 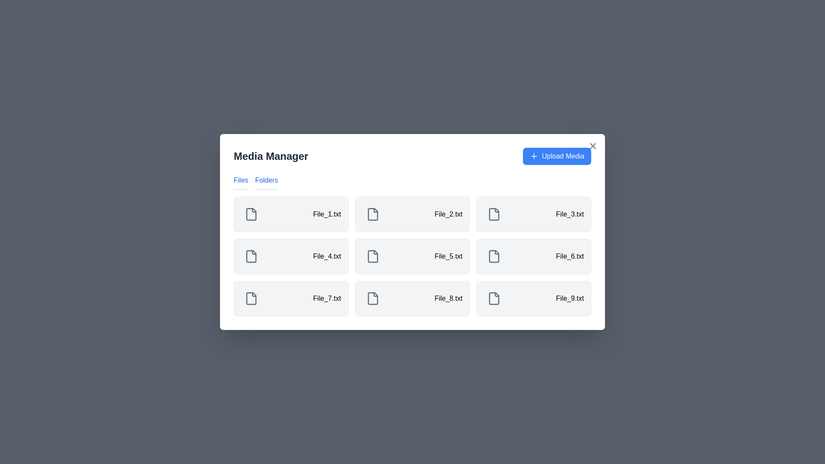 What do you see at coordinates (373, 298) in the screenshot?
I see `the icon representing 'File_7.txt' located in the first position of the third row in the Media Manager interface` at bounding box center [373, 298].